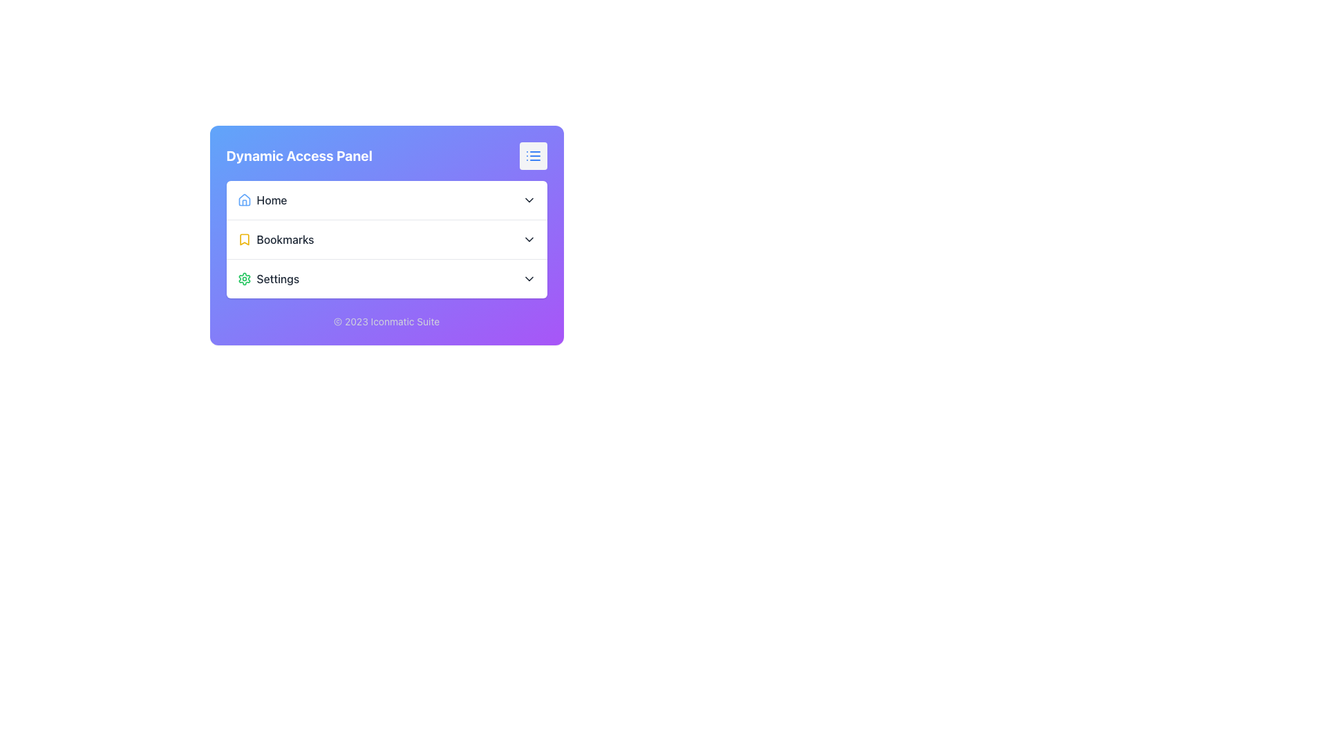 The height and width of the screenshot is (746, 1327). Describe the element at coordinates (528, 279) in the screenshot. I see `the Chevron Down icon located in the last row of the 'Settings' vertical list within the 'Dynamic Access Panel'` at that location.